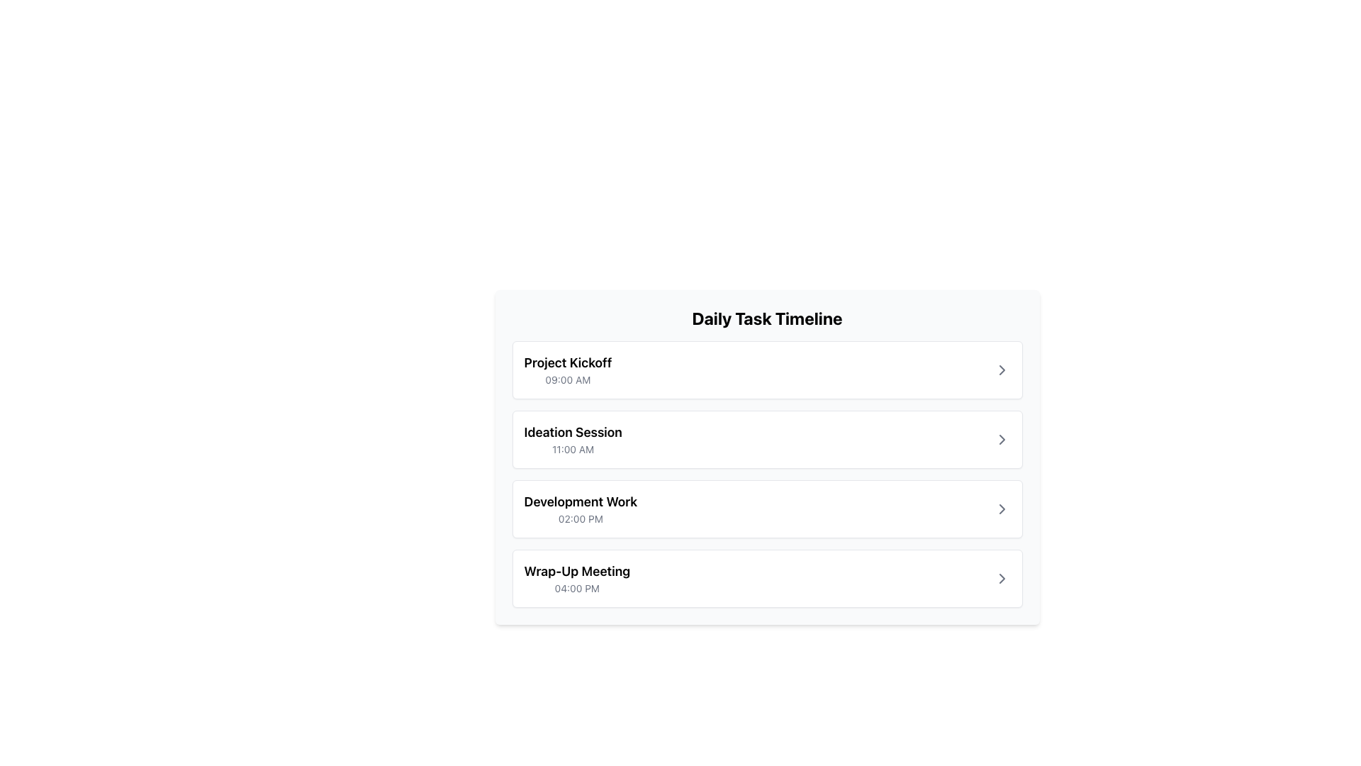 The width and height of the screenshot is (1361, 766). What do you see at coordinates (1001, 508) in the screenshot?
I see `the right-arrow icon button located at the rightmost position of the 'Development Work' task entry` at bounding box center [1001, 508].